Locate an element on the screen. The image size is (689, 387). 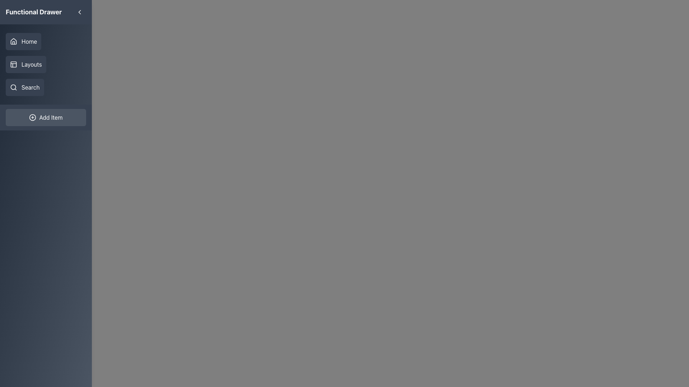
the left-chevron arrow icon located at the top-left corner of the sidebar interface is located at coordinates (79, 12).